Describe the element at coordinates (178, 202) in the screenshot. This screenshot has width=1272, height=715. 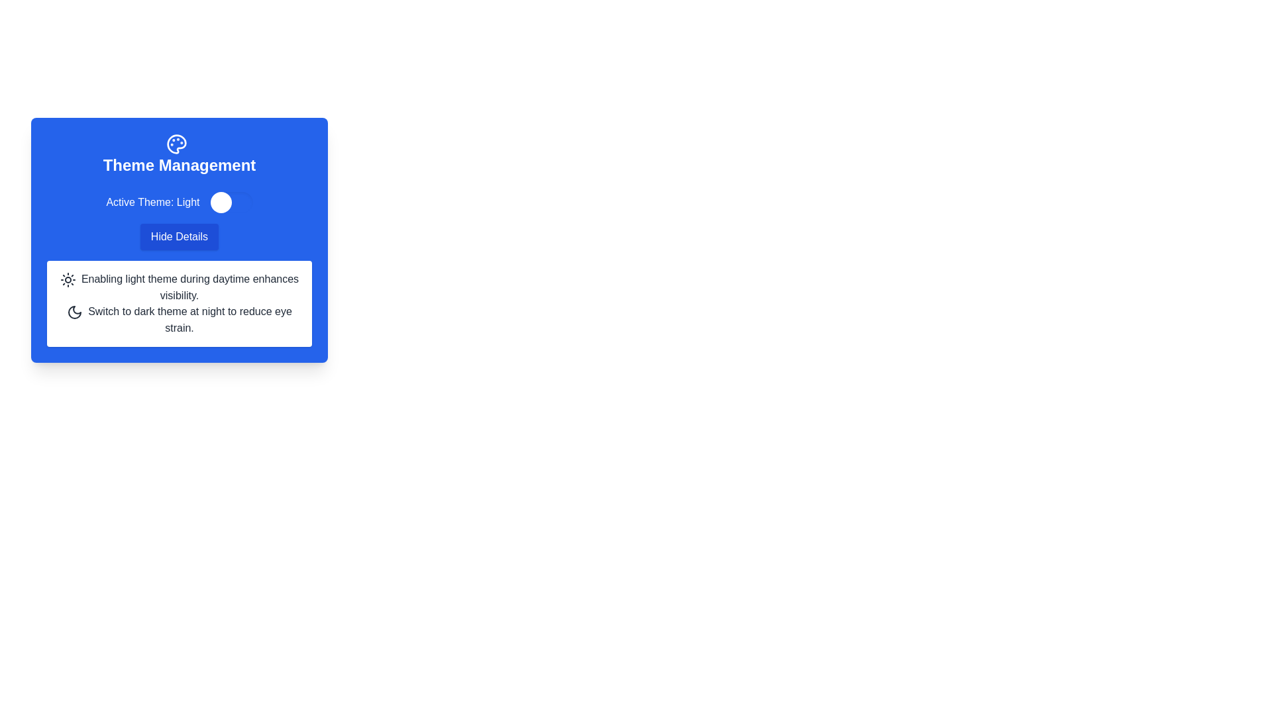
I see `the toggle switch for theme management, which indicates the current theme status and allows toggling between light and dark modes` at that location.